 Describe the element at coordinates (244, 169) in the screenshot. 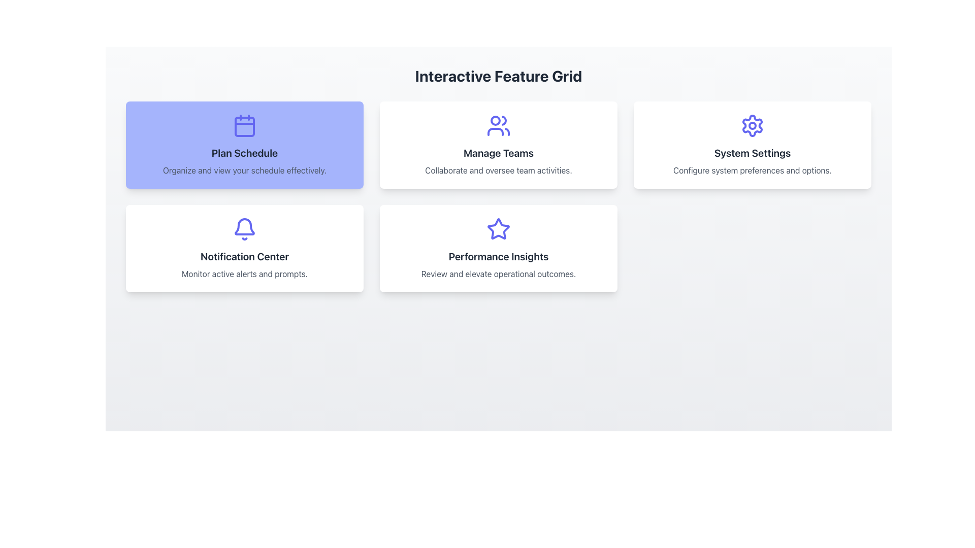

I see `the text element that reads 'Organize and view your schedule effectively.' which is styled in gray and positioned below the 'Plan Schedule' heading within a light blue card` at that location.